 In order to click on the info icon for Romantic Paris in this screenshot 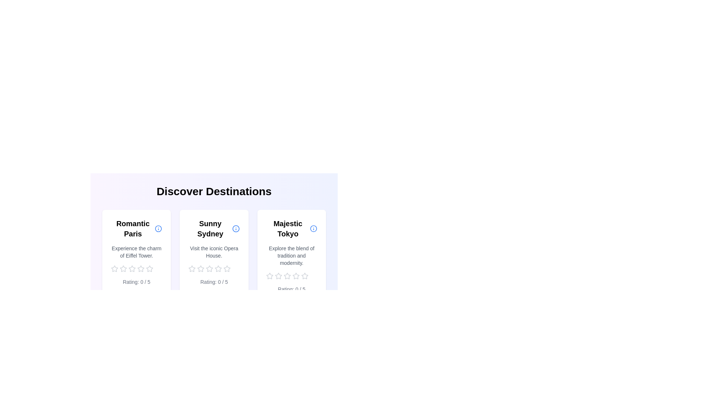, I will do `click(158, 228)`.